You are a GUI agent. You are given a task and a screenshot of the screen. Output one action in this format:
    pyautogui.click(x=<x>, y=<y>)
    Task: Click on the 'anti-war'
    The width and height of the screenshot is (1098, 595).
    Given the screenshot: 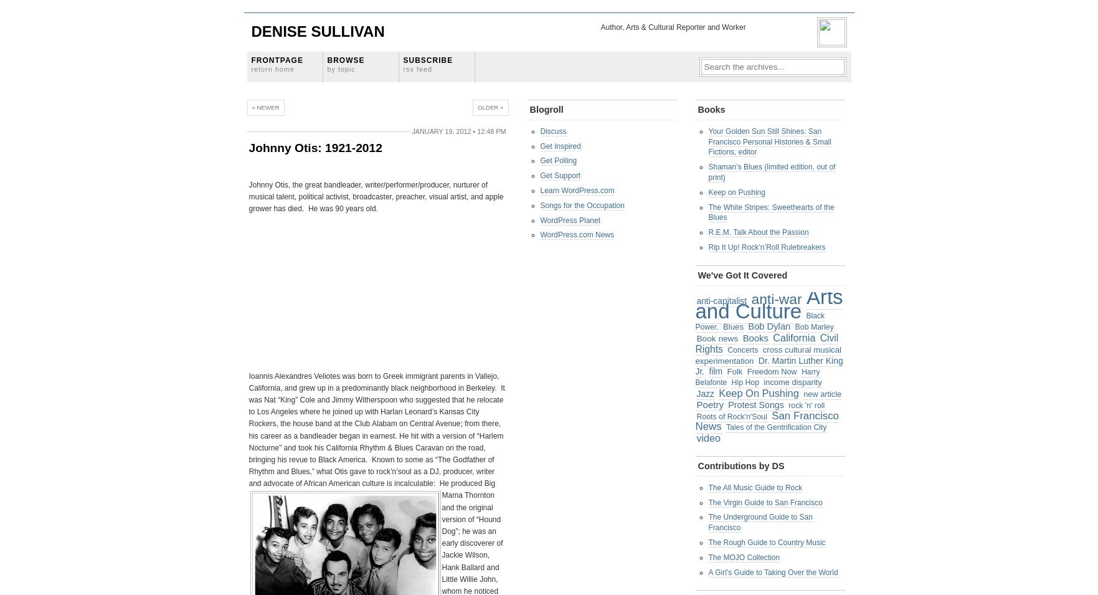 What is the action you would take?
    pyautogui.click(x=775, y=298)
    